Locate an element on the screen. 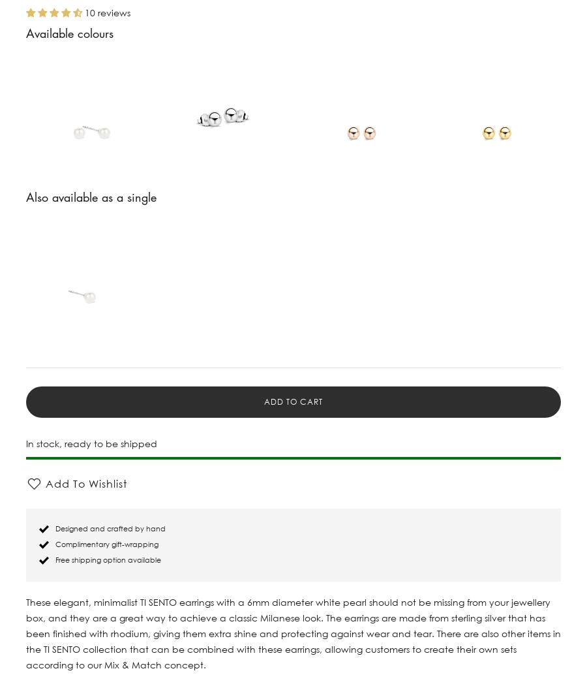 This screenshot has width=587, height=675. 'Available colours' is located at coordinates (69, 33).